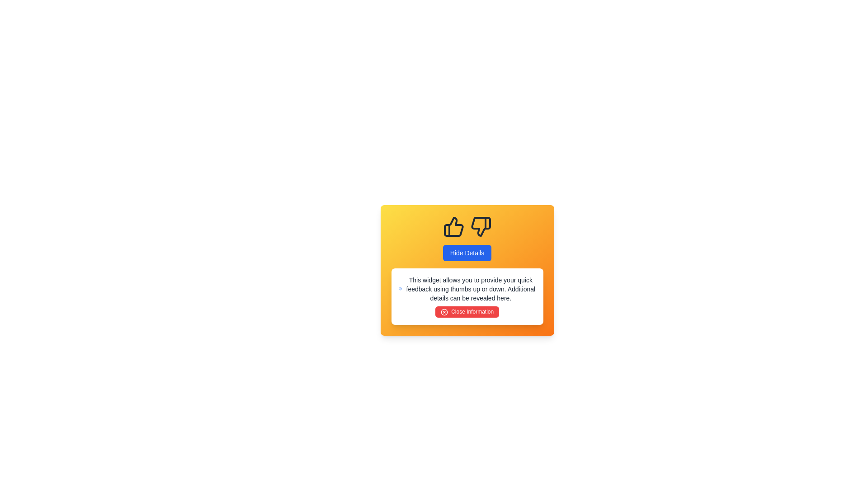 This screenshot has width=868, height=488. What do you see at coordinates (444, 311) in the screenshot?
I see `the 'Close' icon located on the left side of the 'Close Information' red button at the bottom part of the card` at bounding box center [444, 311].